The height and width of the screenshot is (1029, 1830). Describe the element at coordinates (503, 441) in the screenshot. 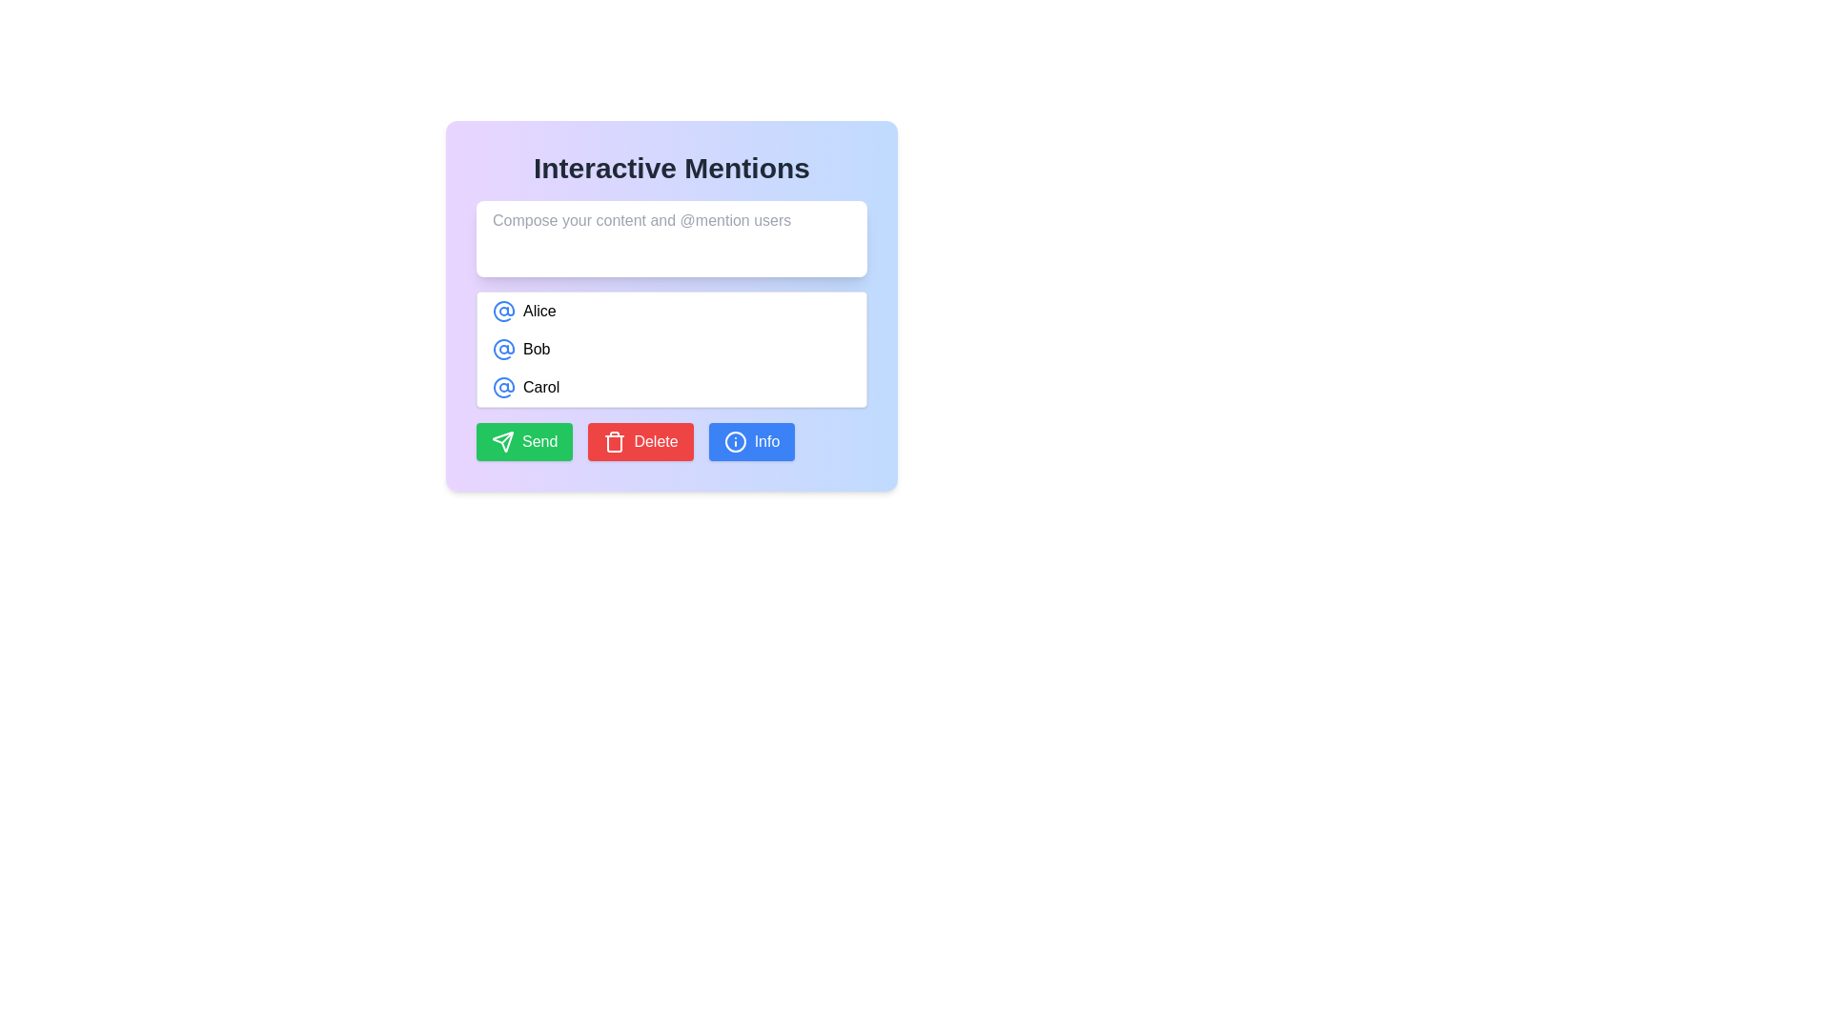

I see `the lower-left segment of the paper airplane icon on the green 'Send' button to send a message` at that location.